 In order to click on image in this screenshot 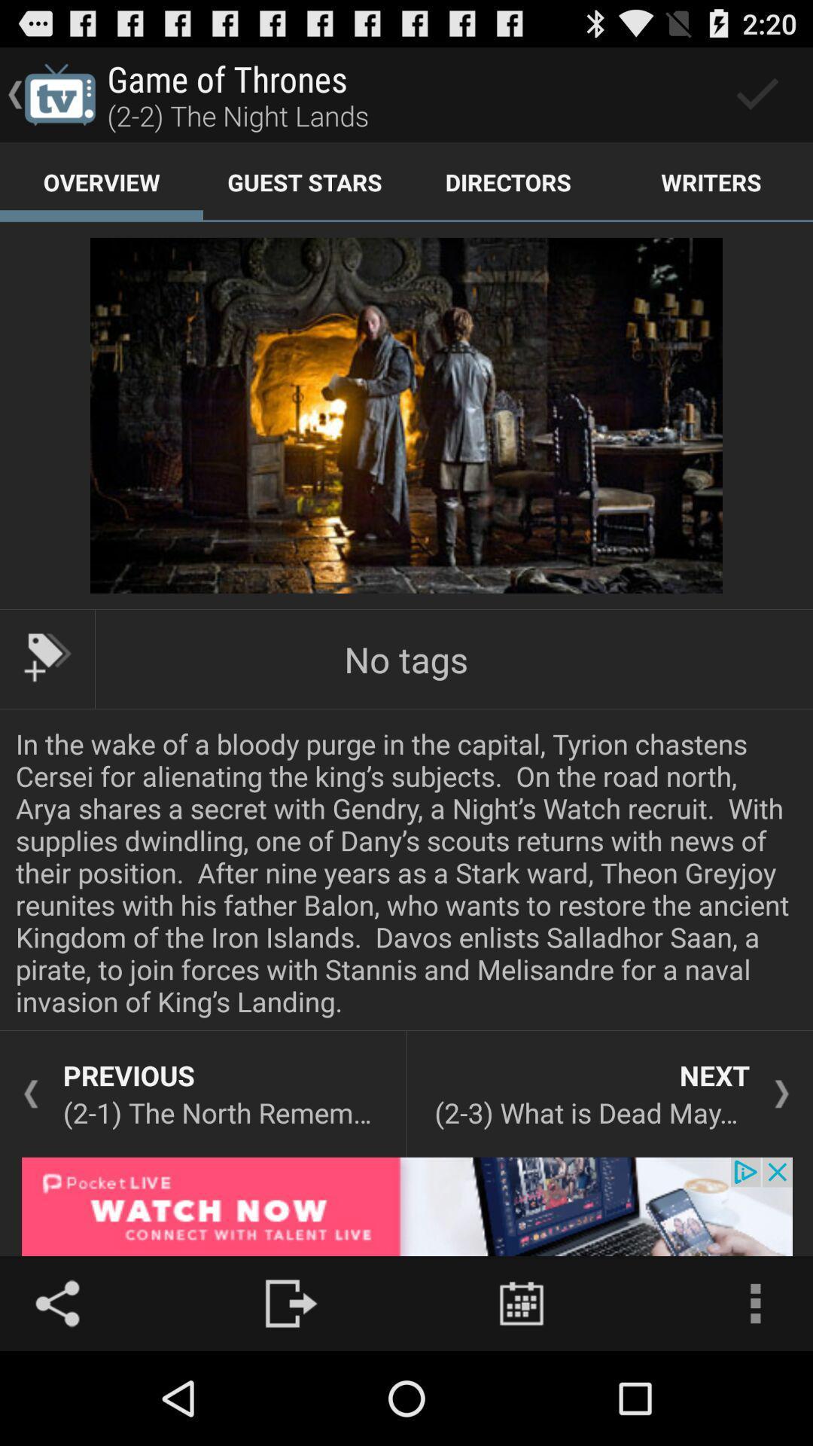, I will do `click(406, 416)`.